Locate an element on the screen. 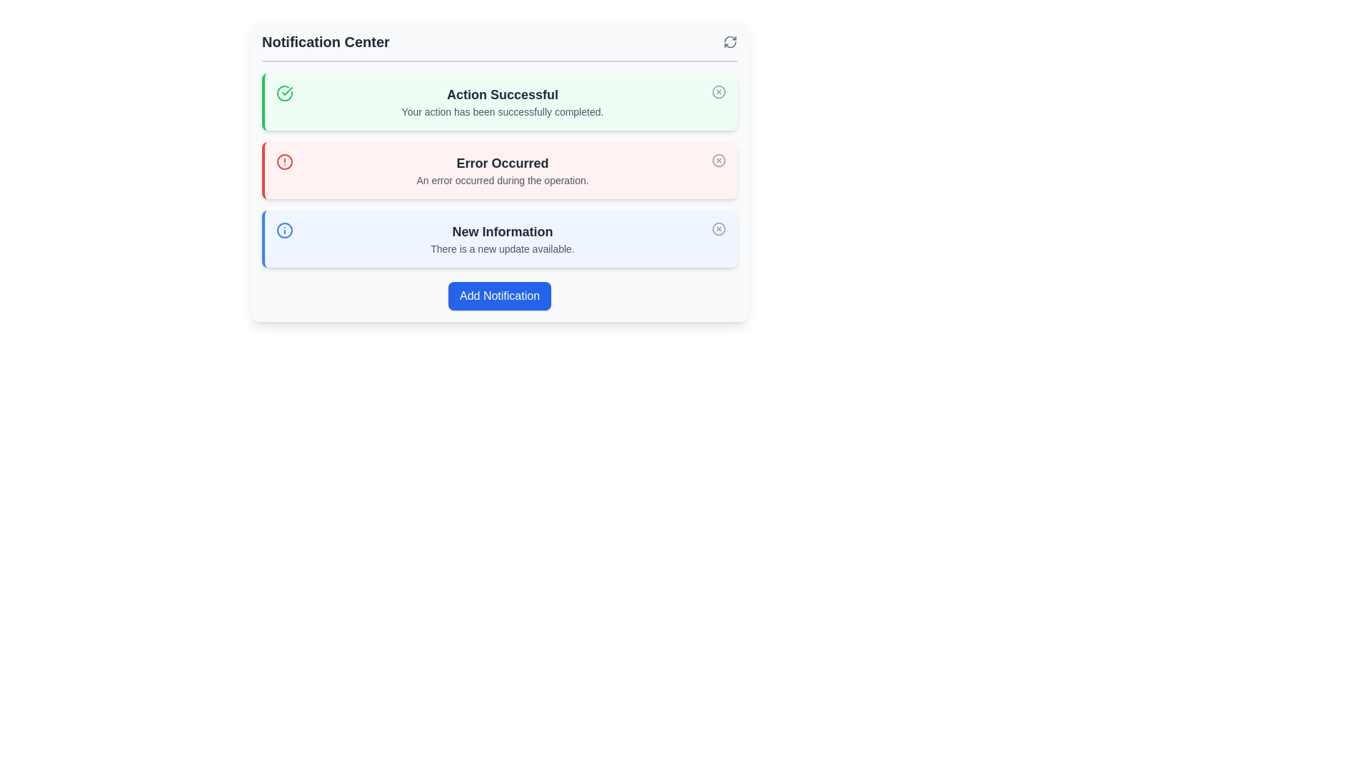 This screenshot has height=771, width=1371. the error icon located to the left of the 'Error Occurred' notification text that signifies an error or alert to the user is located at coordinates (284, 161).